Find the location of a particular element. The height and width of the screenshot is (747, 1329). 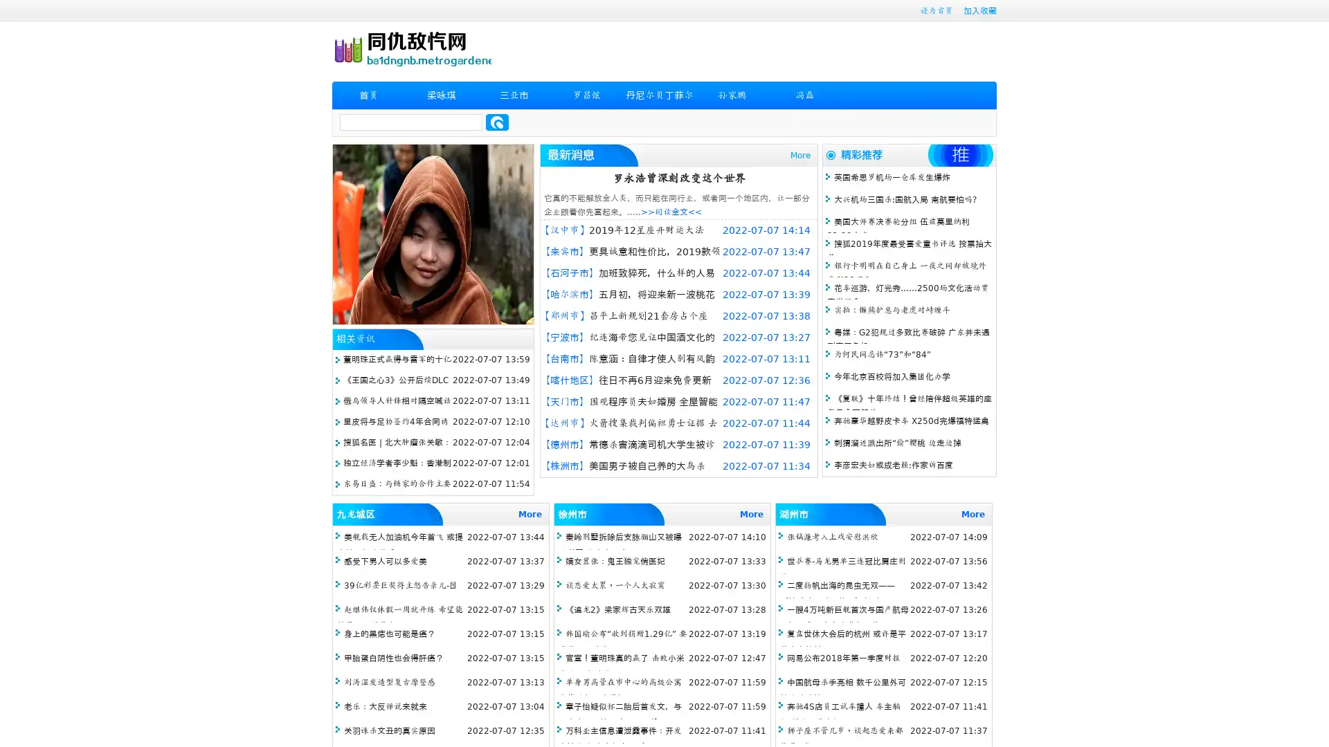

Search is located at coordinates (497, 122).